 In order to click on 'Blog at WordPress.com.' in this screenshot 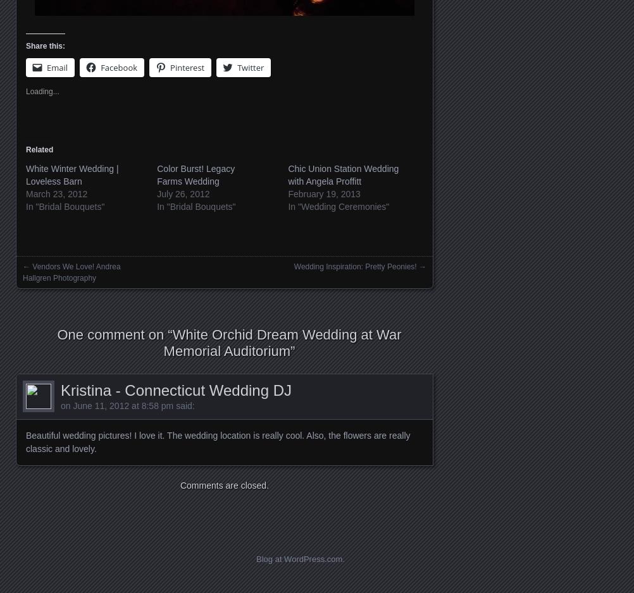, I will do `click(256, 559)`.